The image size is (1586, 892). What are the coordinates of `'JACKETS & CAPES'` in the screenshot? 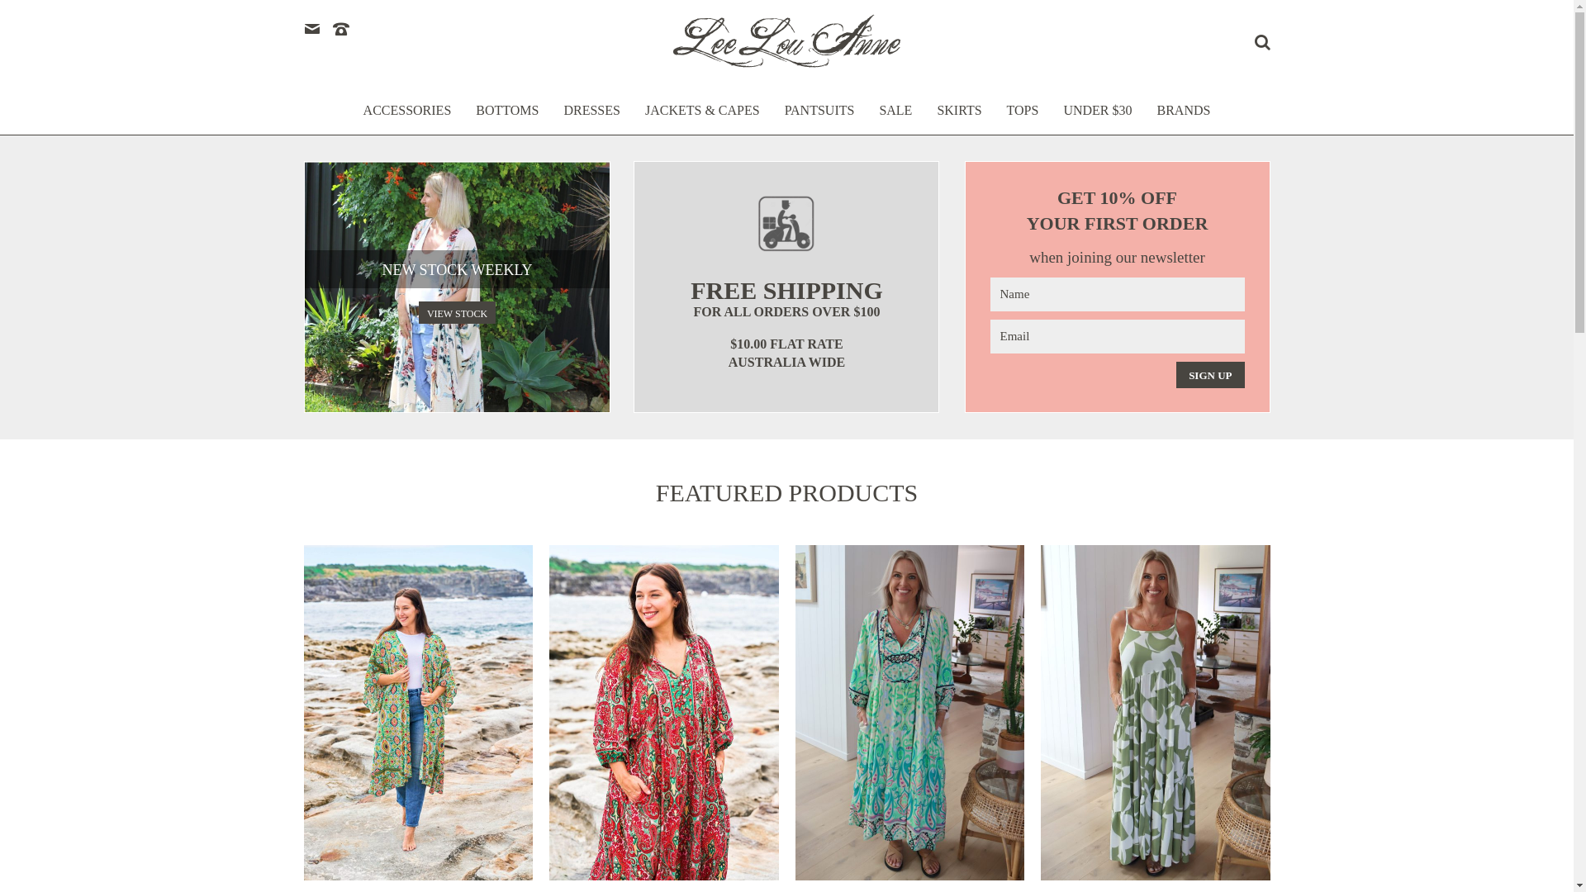 It's located at (702, 117).